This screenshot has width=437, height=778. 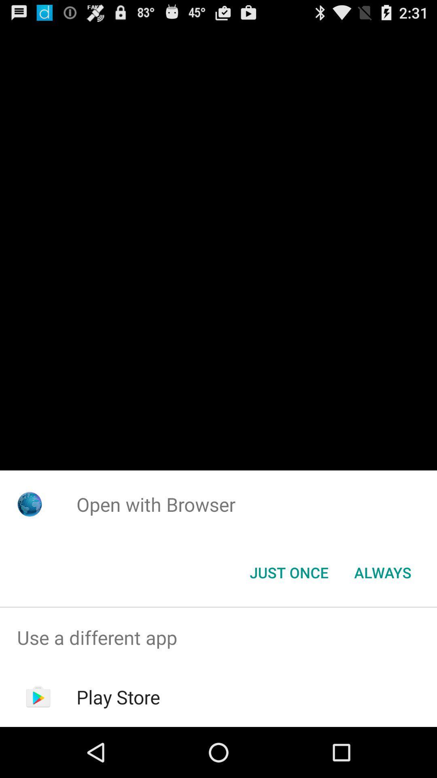 What do you see at coordinates (118, 697) in the screenshot?
I see `play store app` at bounding box center [118, 697].